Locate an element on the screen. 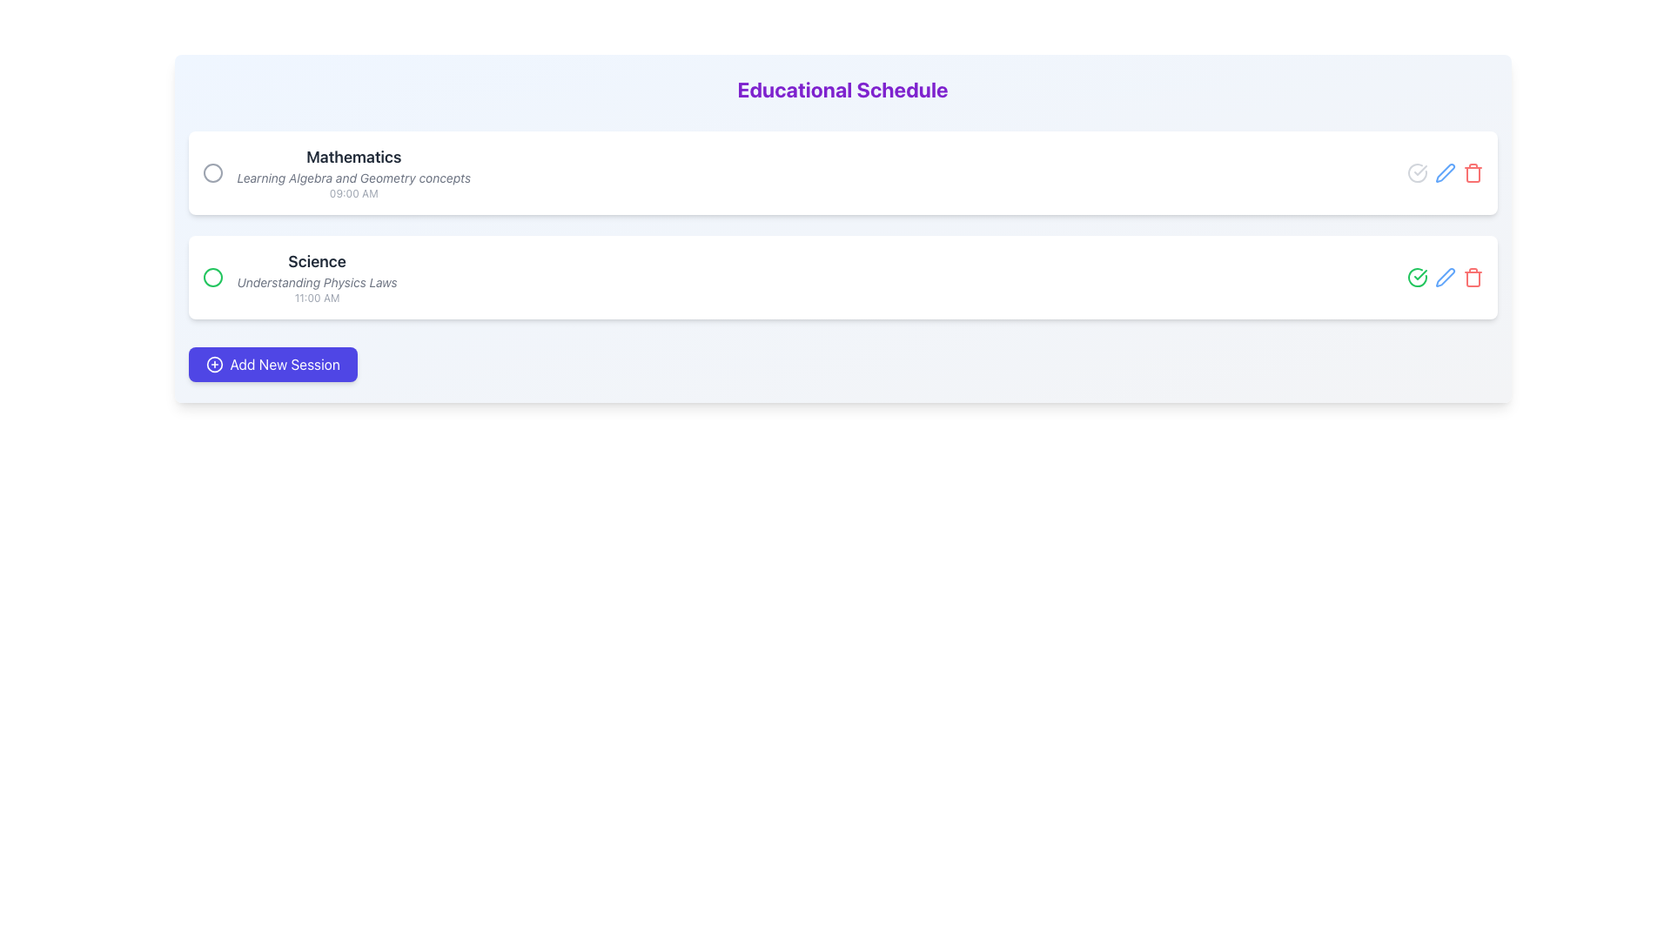 The width and height of the screenshot is (1671, 940). the pencil-shaped icon button in the Mathematics session is located at coordinates (1445, 173).